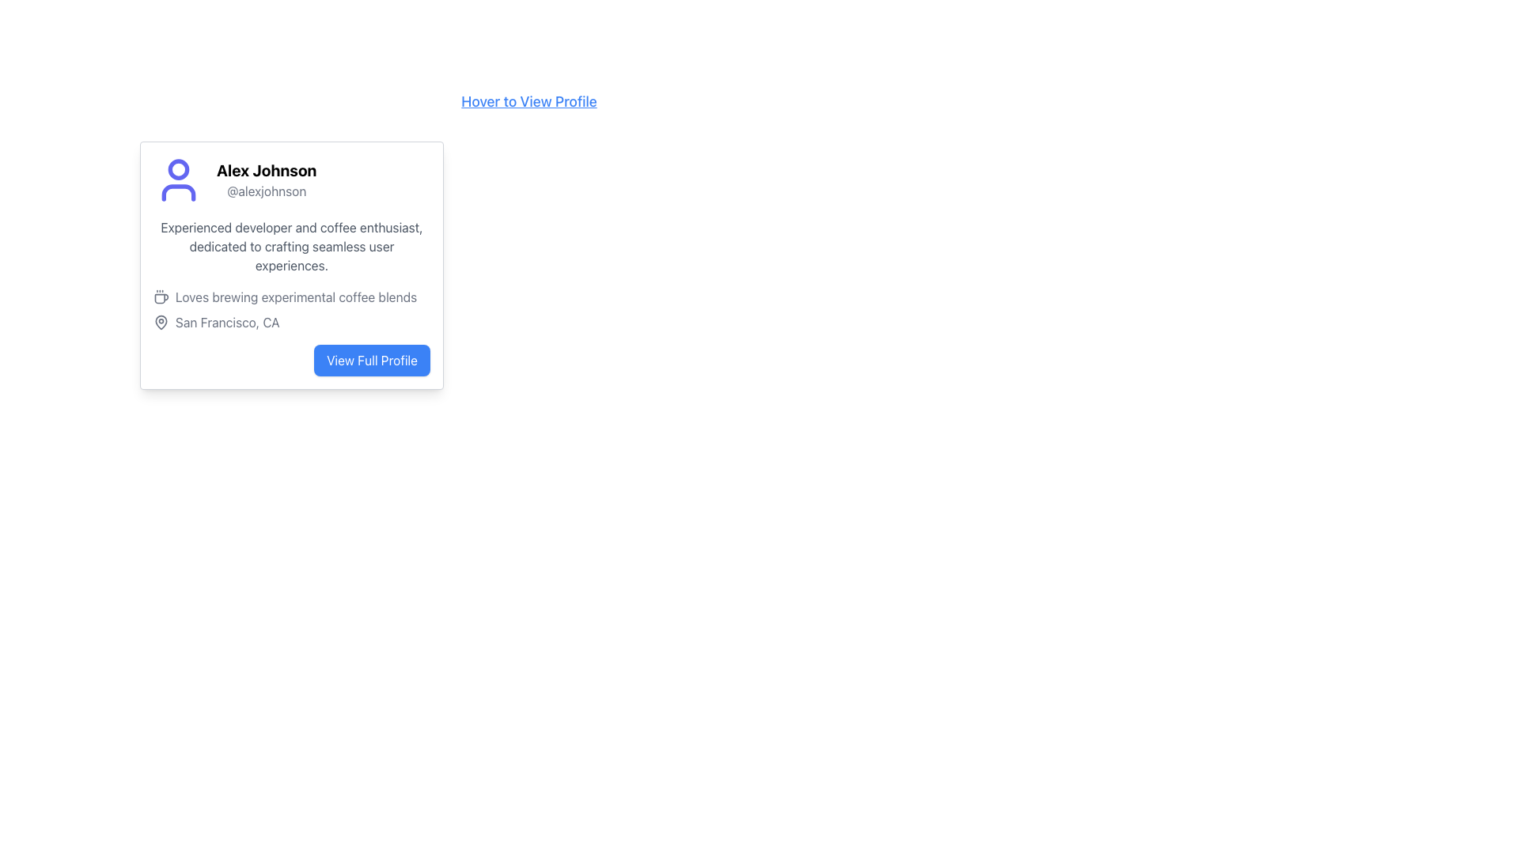 Image resolution: width=1519 pixels, height=854 pixels. I want to click on text displayed in the user profile component, which shows the name and username of the user, located to the right of the user silhouette icon, so click(267, 179).